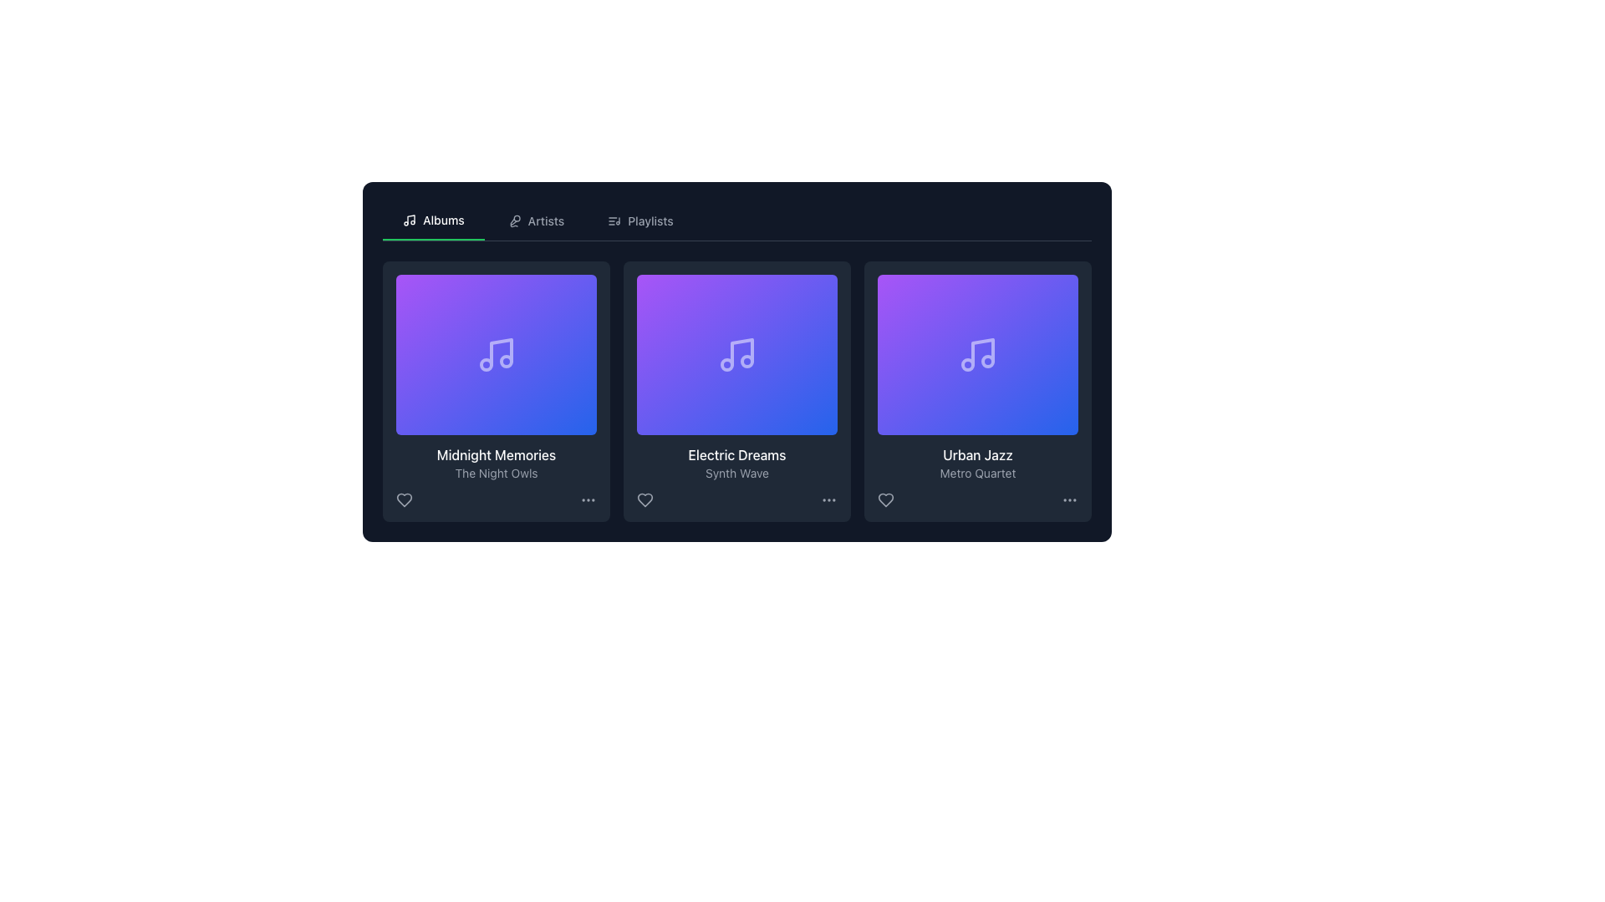 Image resolution: width=1605 pixels, height=902 pixels. What do you see at coordinates (496, 474) in the screenshot?
I see `the text label displaying 'The Night Owls' in gray font, located beneath 'Midnight Memories' within the leftmost rectangular card` at bounding box center [496, 474].